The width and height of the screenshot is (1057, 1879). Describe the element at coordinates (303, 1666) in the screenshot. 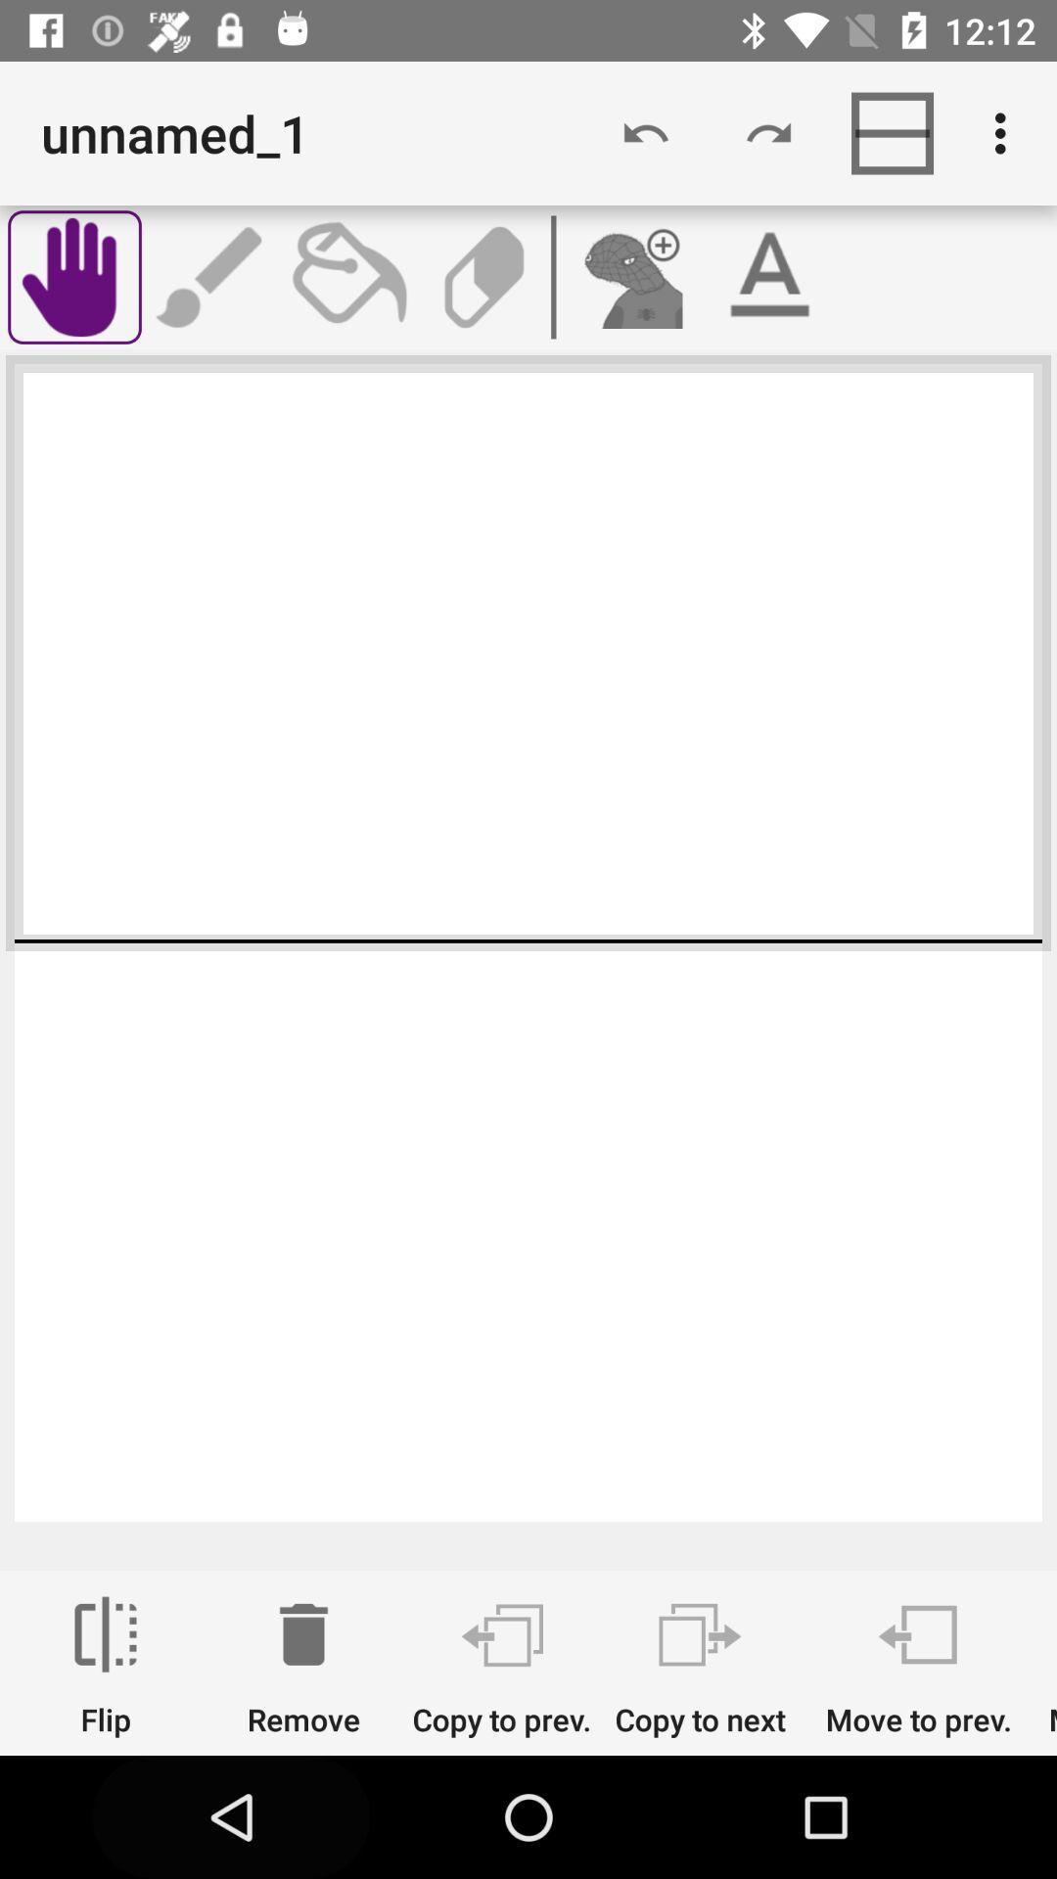

I see `the item next to flip item` at that location.